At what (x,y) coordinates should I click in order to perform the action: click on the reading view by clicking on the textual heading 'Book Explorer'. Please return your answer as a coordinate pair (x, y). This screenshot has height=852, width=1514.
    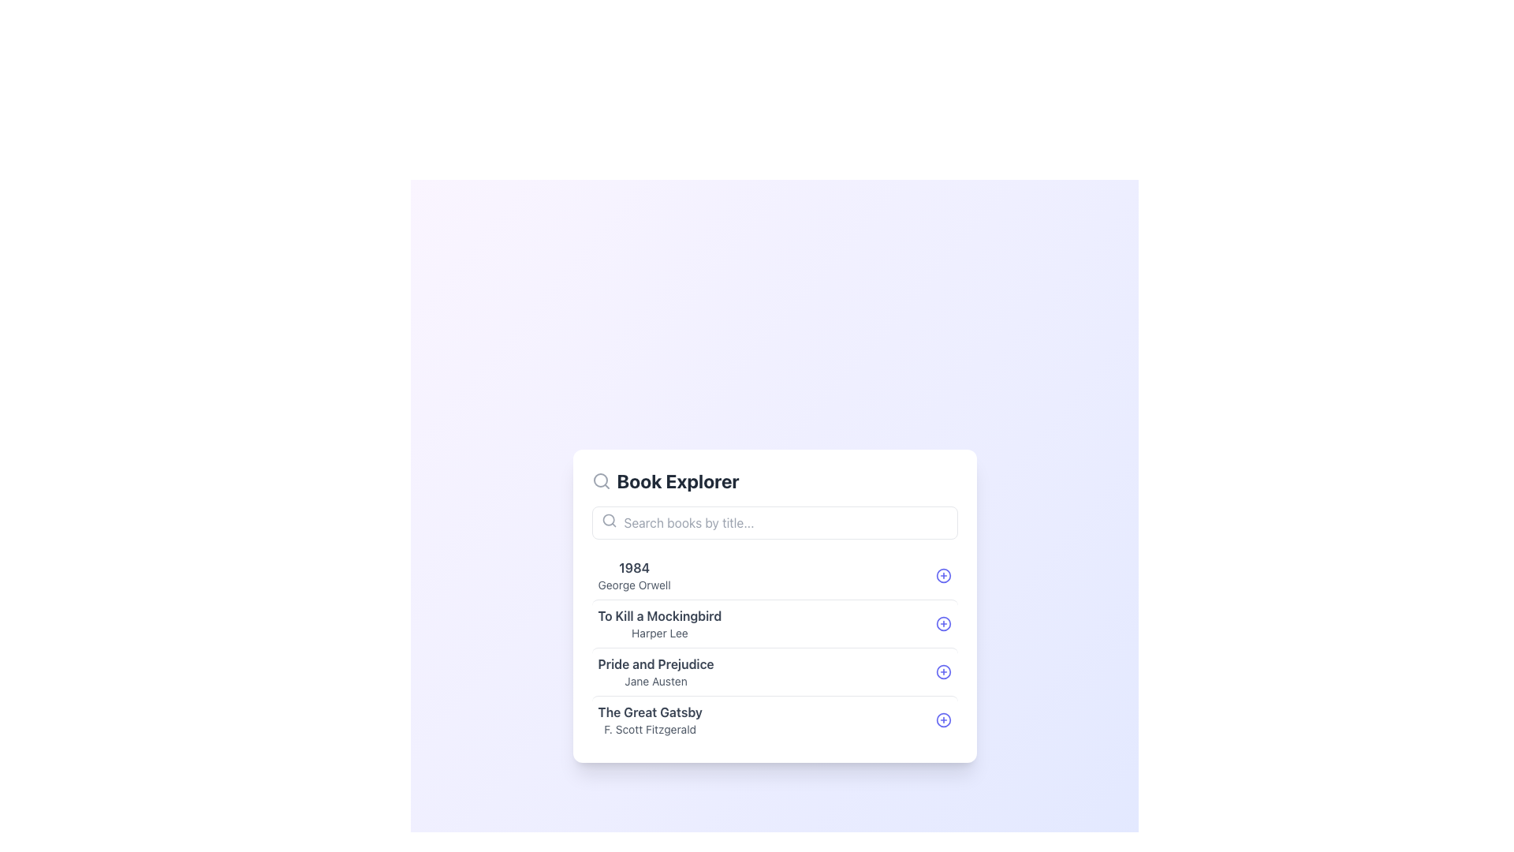
    Looking at the image, I should click on (678, 480).